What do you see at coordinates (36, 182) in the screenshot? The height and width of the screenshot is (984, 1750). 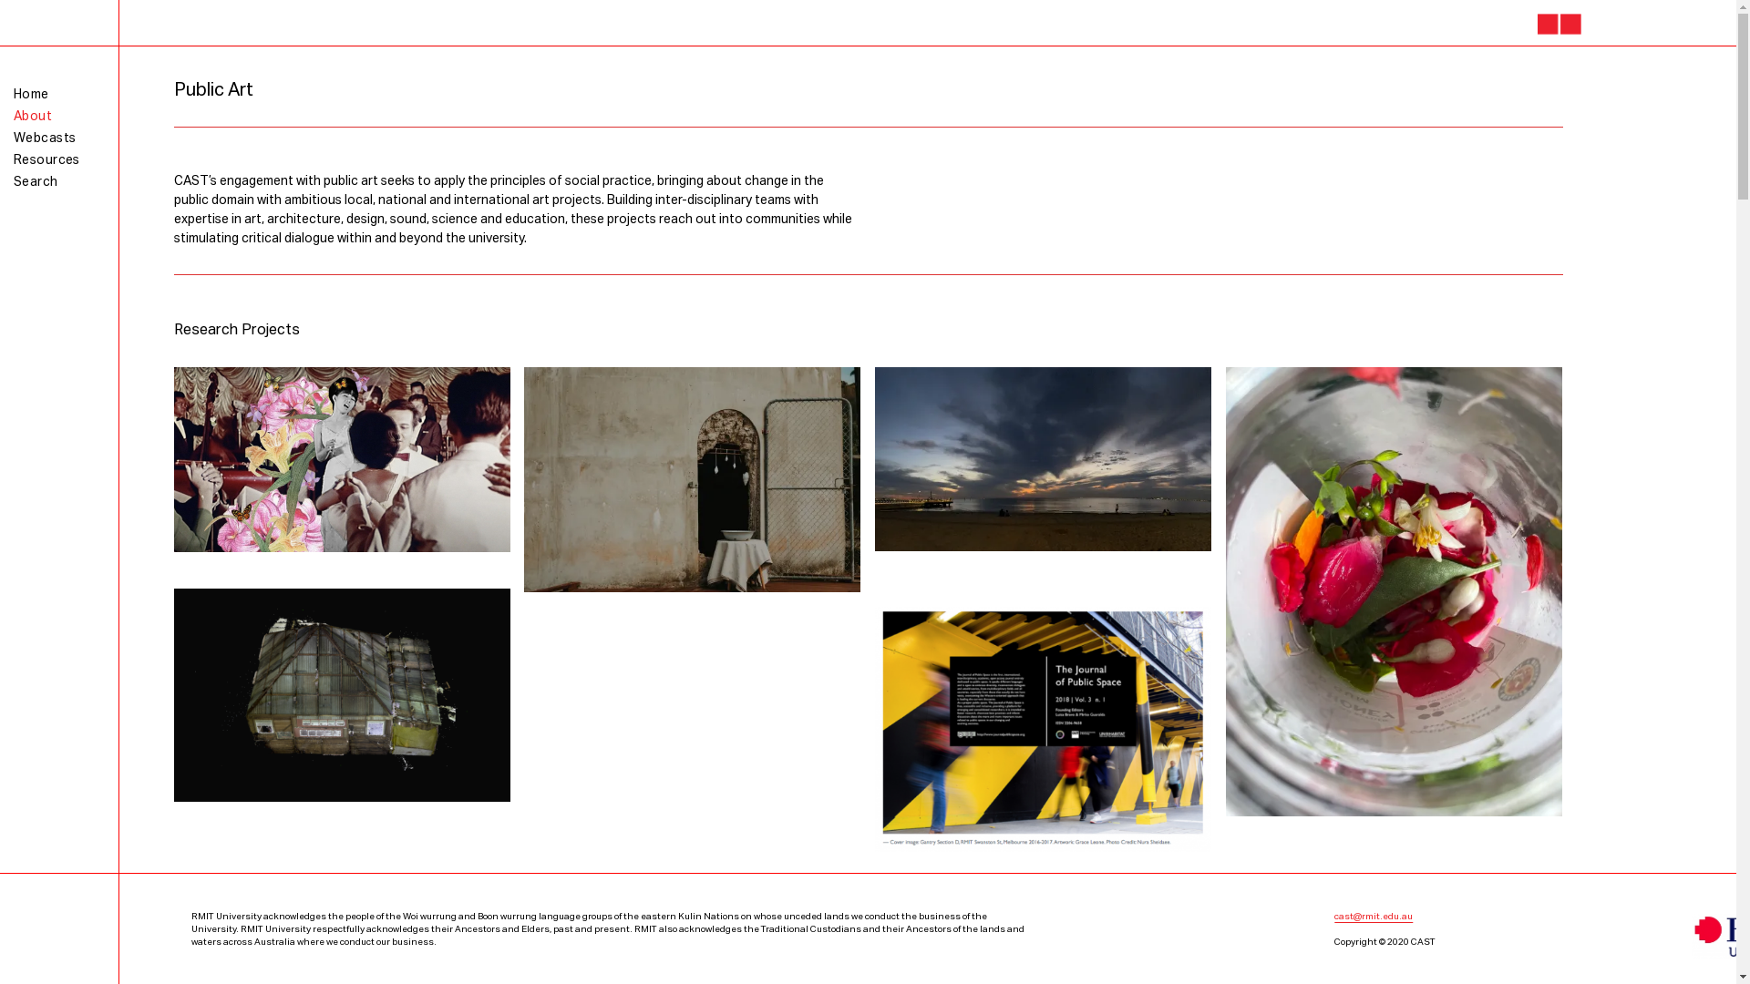 I see `'Search'` at bounding box center [36, 182].